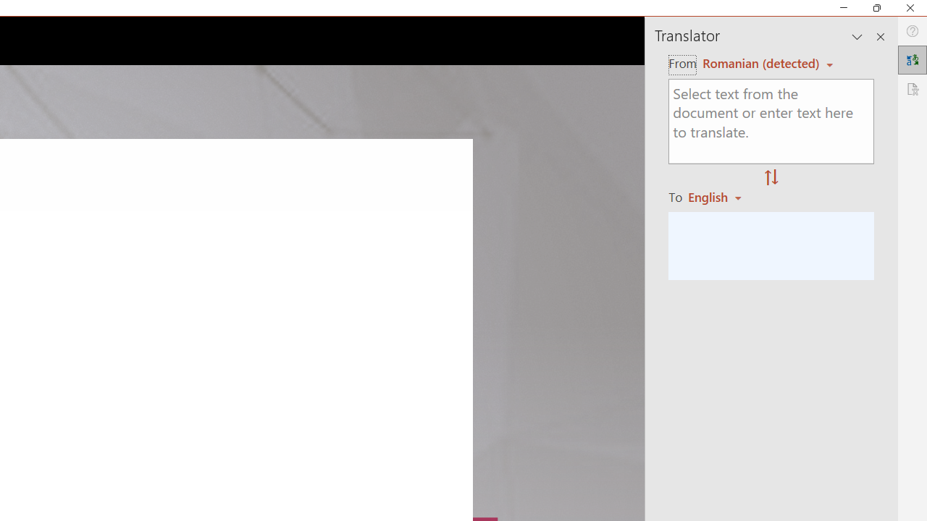 The image size is (927, 521). What do you see at coordinates (771, 177) in the screenshot?
I see `'Swap "from" and "to" languages.'` at bounding box center [771, 177].